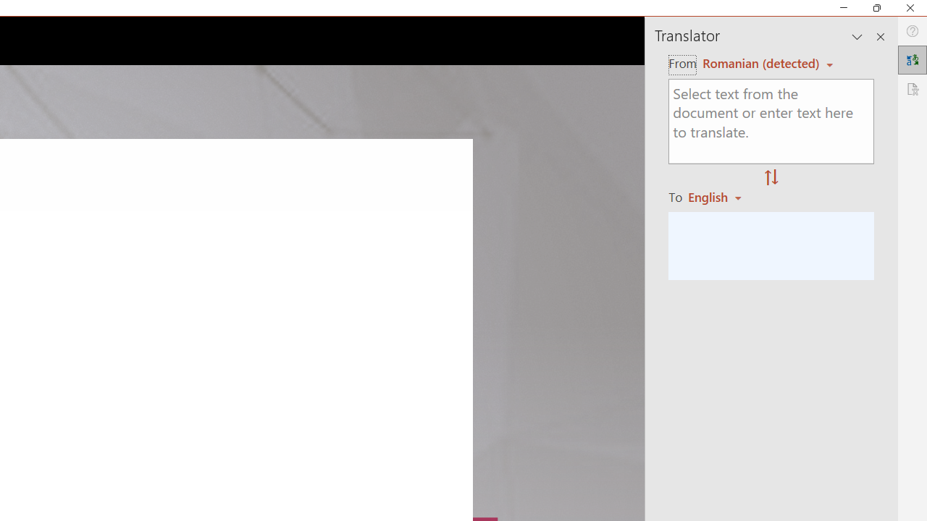 The image size is (927, 521). What do you see at coordinates (771, 177) in the screenshot?
I see `'Swap "from" and "to" languages.'` at bounding box center [771, 177].